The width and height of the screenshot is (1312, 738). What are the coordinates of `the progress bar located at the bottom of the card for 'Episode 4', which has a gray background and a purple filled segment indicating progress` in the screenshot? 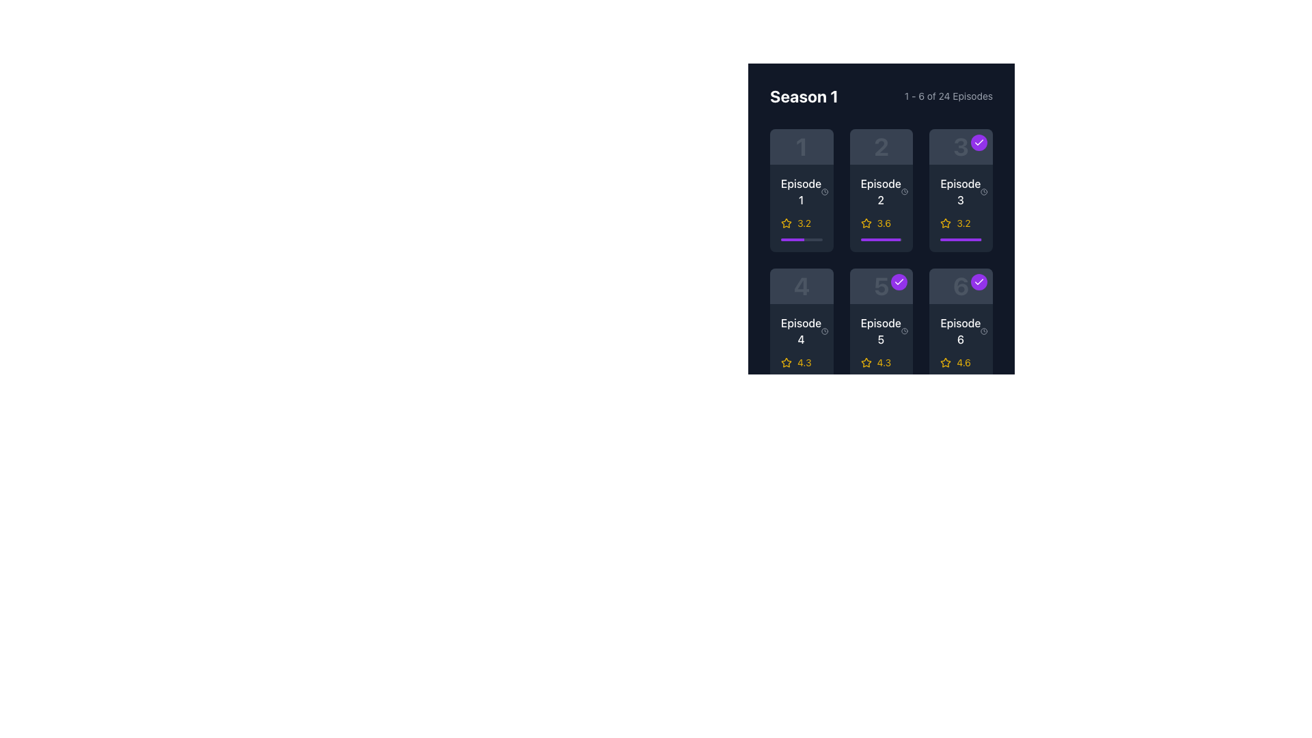 It's located at (802, 379).